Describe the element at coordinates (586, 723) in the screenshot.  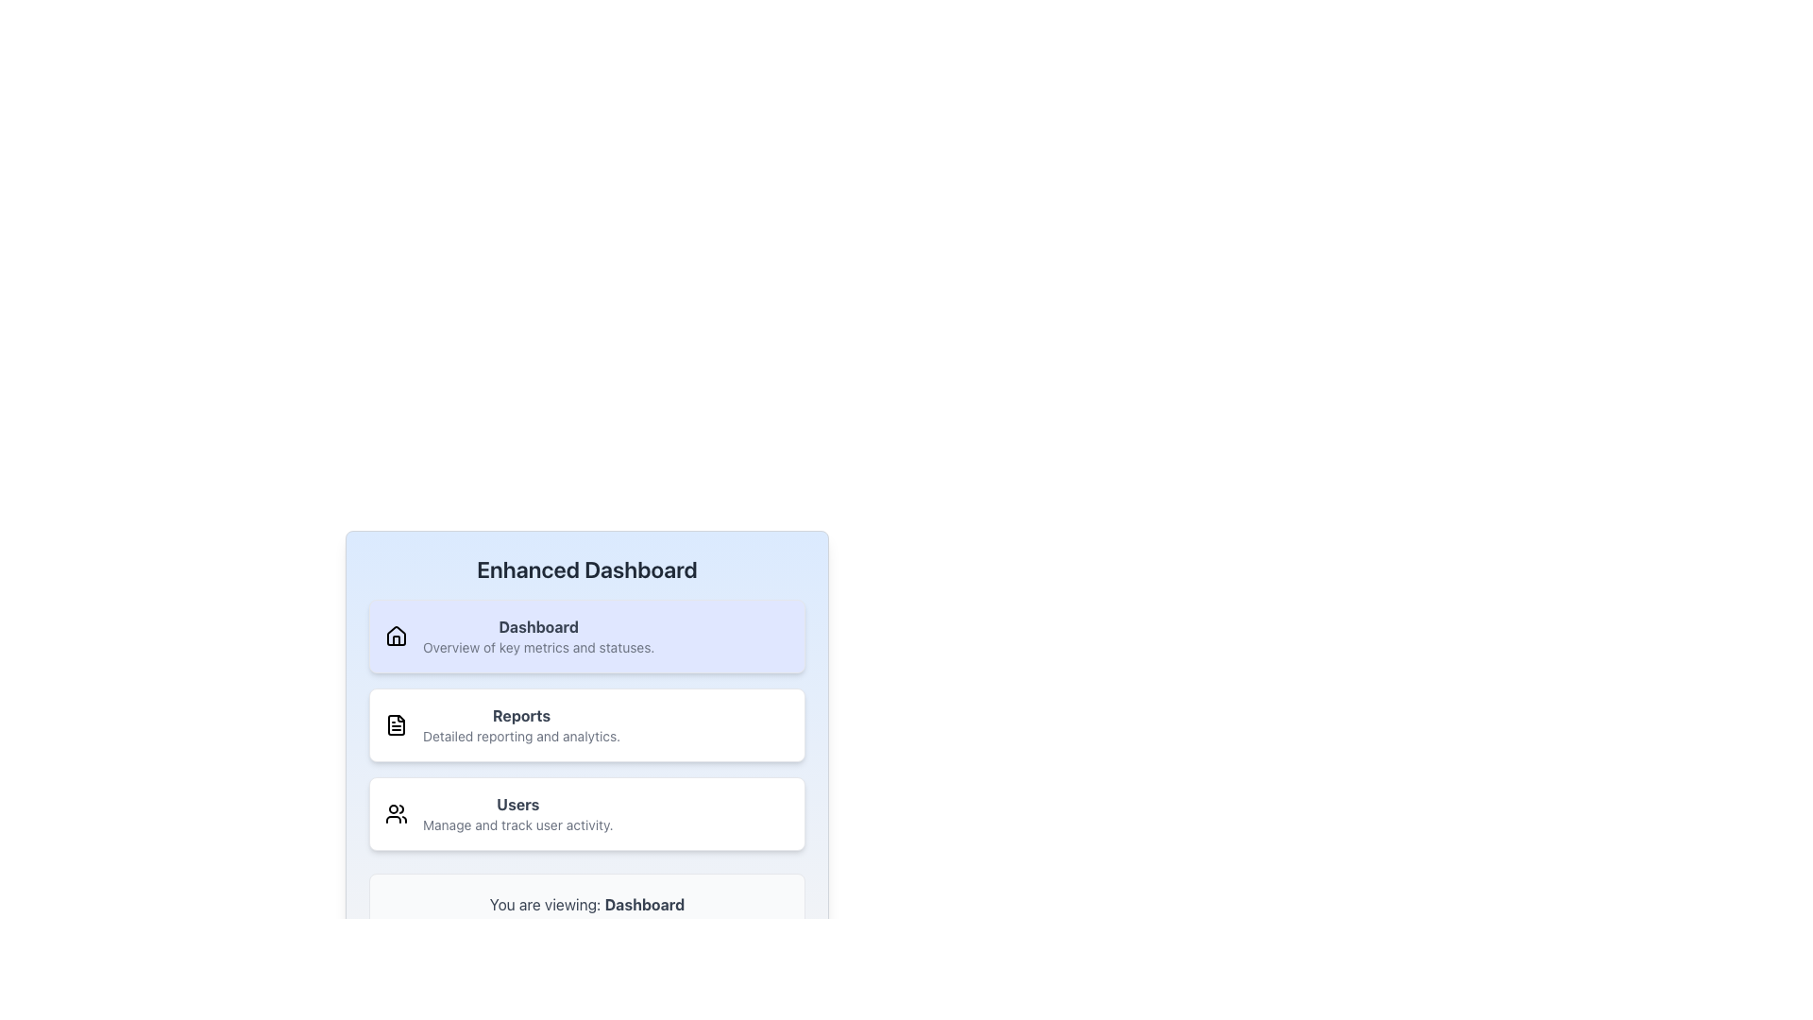
I see `the second card in the vertical layout of navigation or informational cards, which contains the Reports section, styled with rounded corners and a light background` at that location.